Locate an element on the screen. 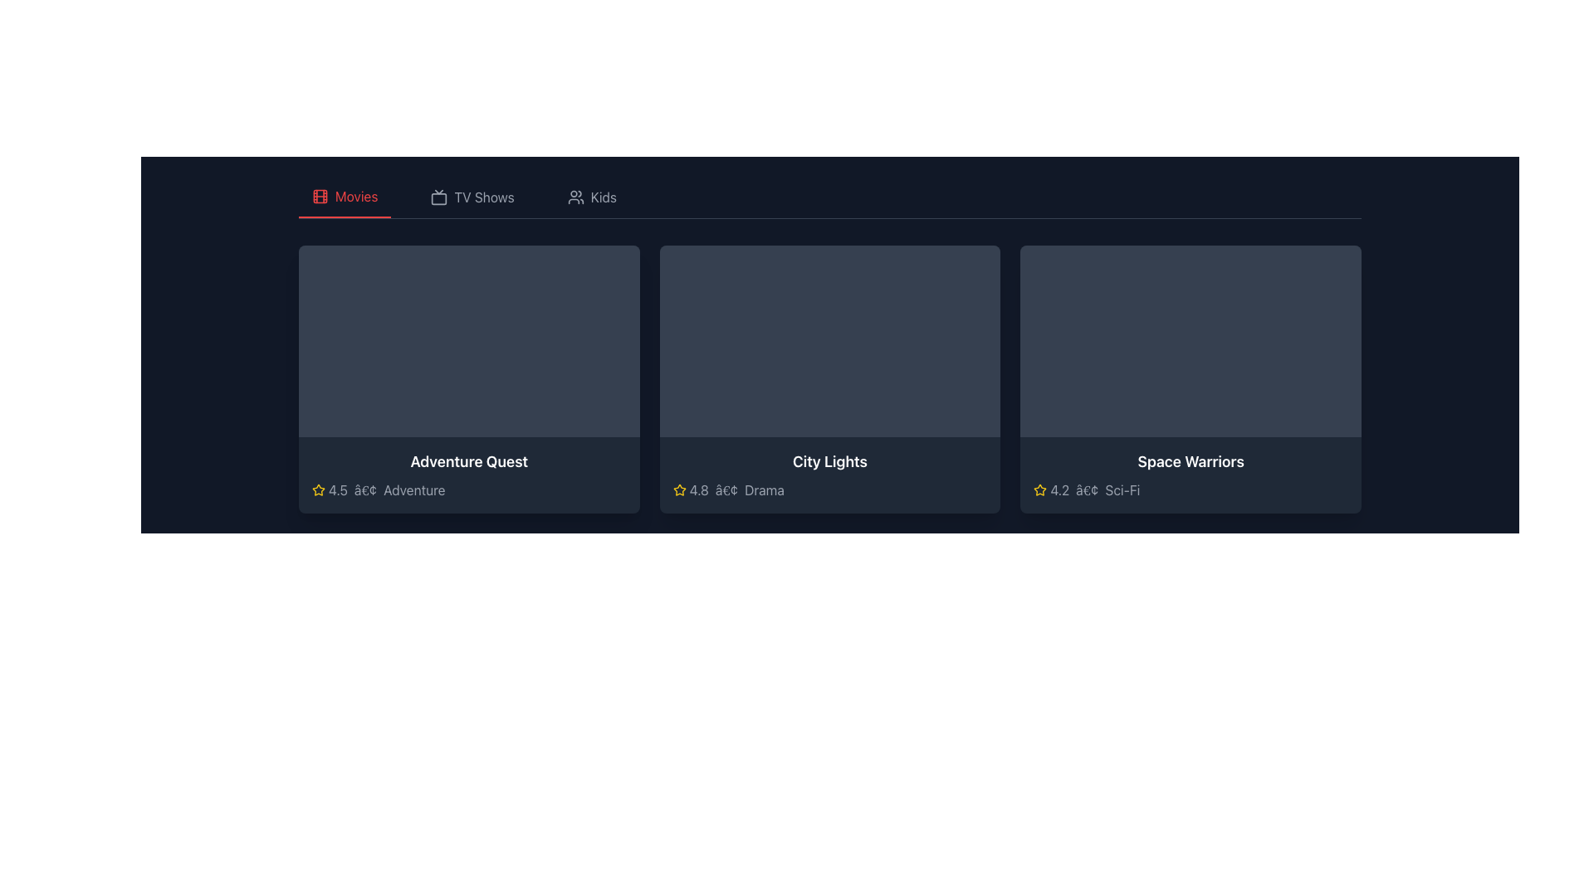  the visual placeholder located in the upper portion of the 'Space Warriors' card, which is the third card in a row within the grid layout is located at coordinates (1190, 340).